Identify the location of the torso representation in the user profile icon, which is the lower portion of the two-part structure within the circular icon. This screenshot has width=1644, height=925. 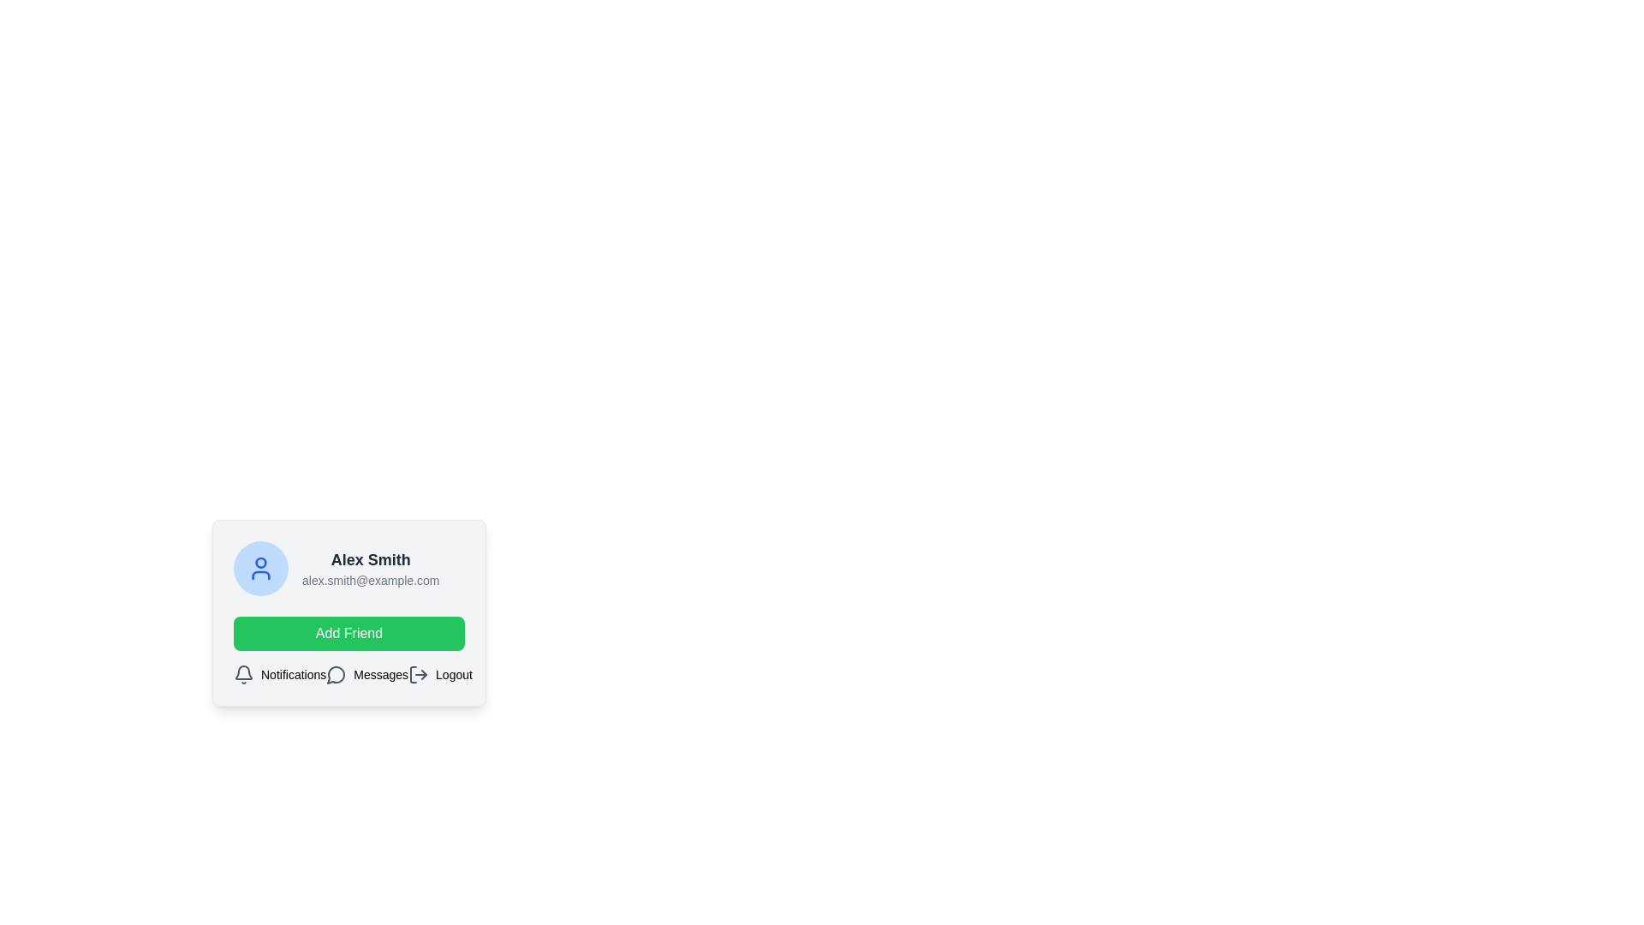
(260, 575).